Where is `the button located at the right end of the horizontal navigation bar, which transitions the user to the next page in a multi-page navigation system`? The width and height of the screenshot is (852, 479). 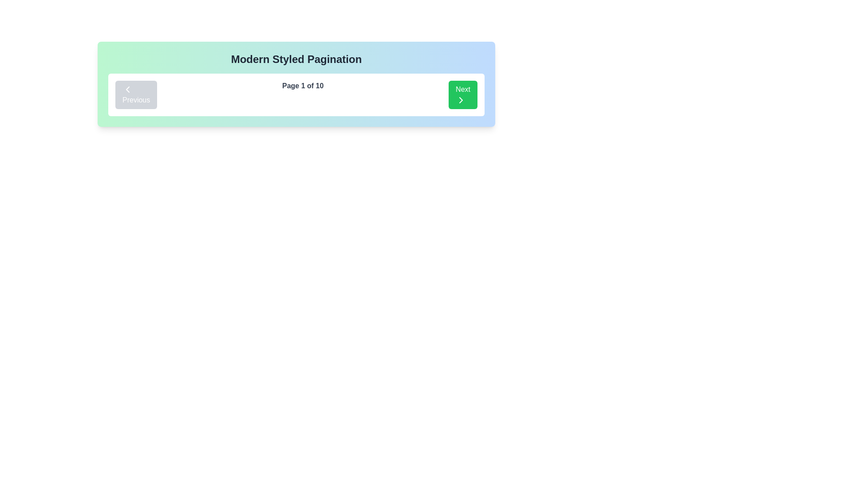 the button located at the right end of the horizontal navigation bar, which transitions the user to the next page in a multi-page navigation system is located at coordinates (462, 94).